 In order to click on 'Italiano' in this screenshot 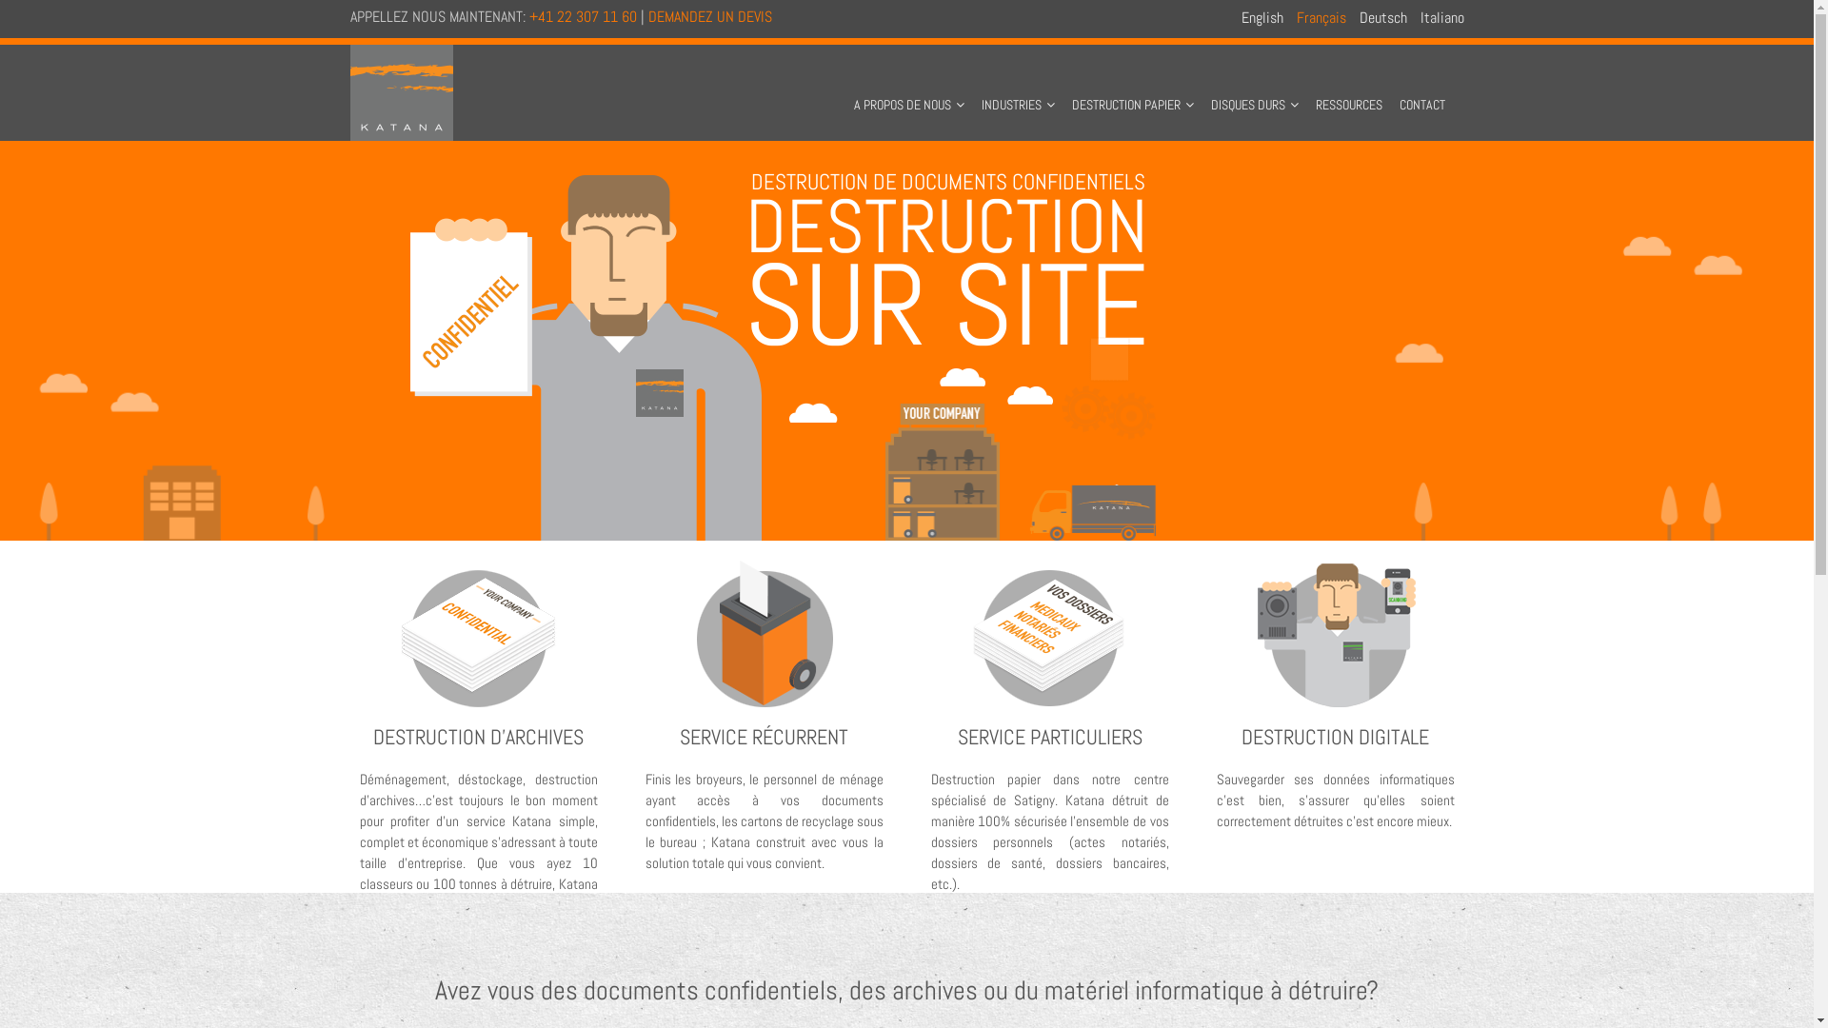, I will do `click(1442, 17)`.